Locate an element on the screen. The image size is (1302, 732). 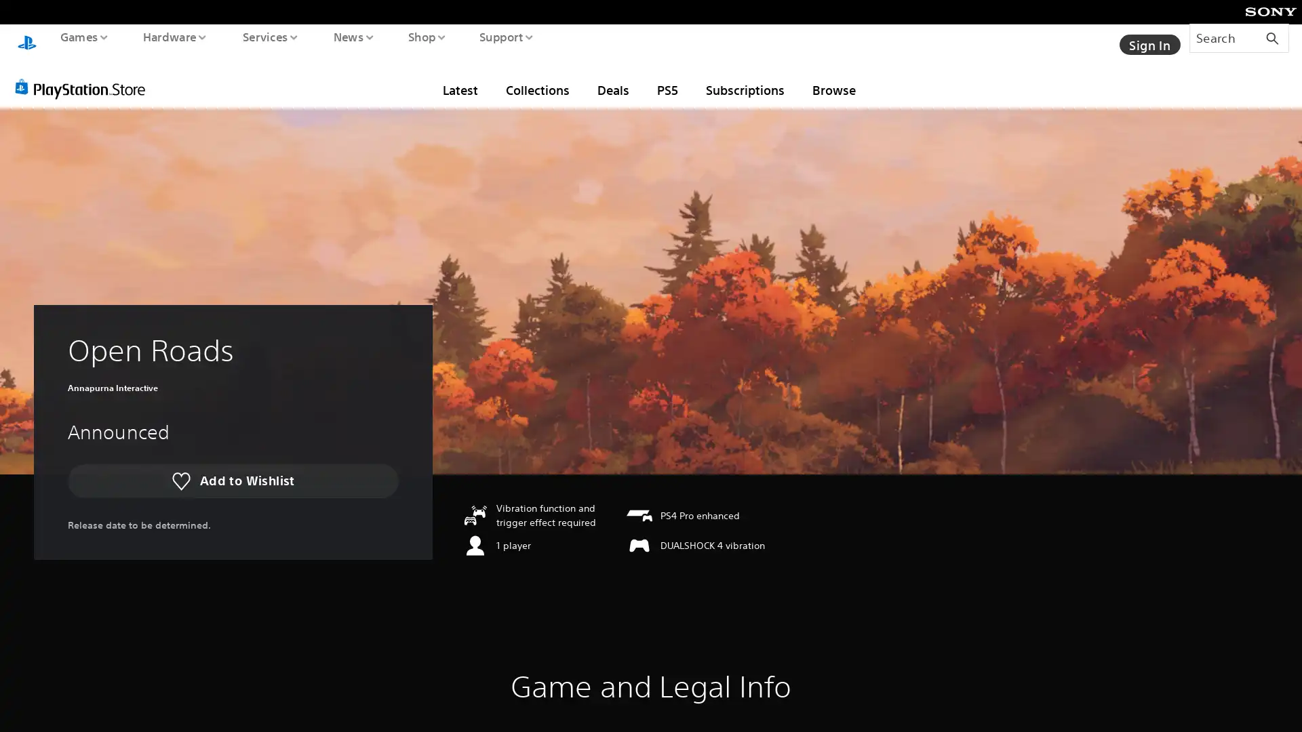
Search is located at coordinates (1239, 37).